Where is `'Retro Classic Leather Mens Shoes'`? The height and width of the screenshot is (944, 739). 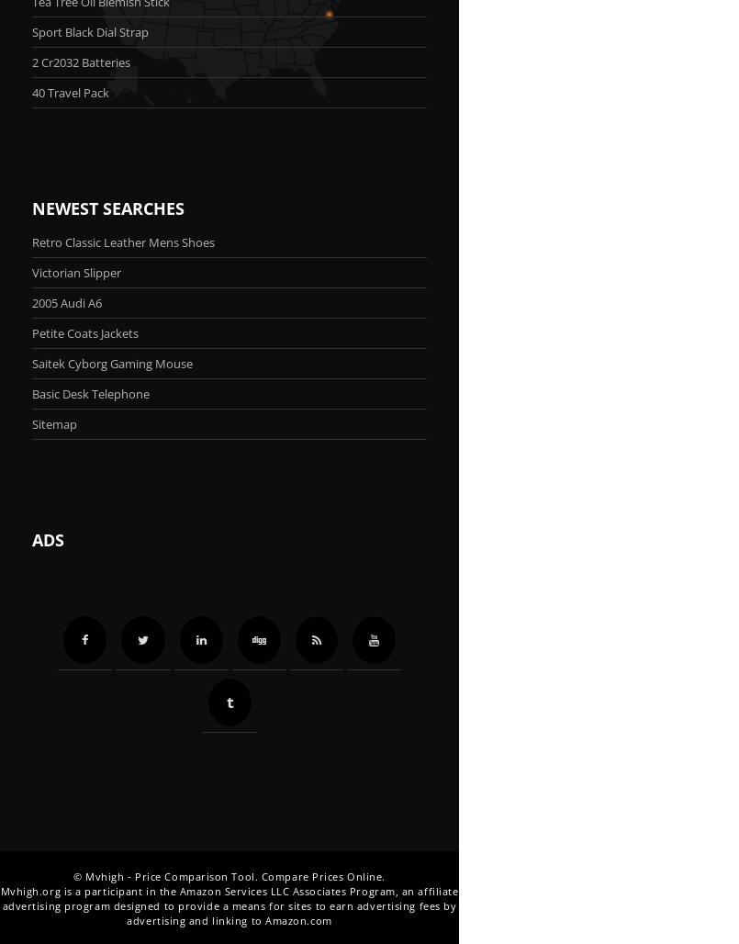
'Retro Classic Leather Mens Shoes' is located at coordinates (123, 241).